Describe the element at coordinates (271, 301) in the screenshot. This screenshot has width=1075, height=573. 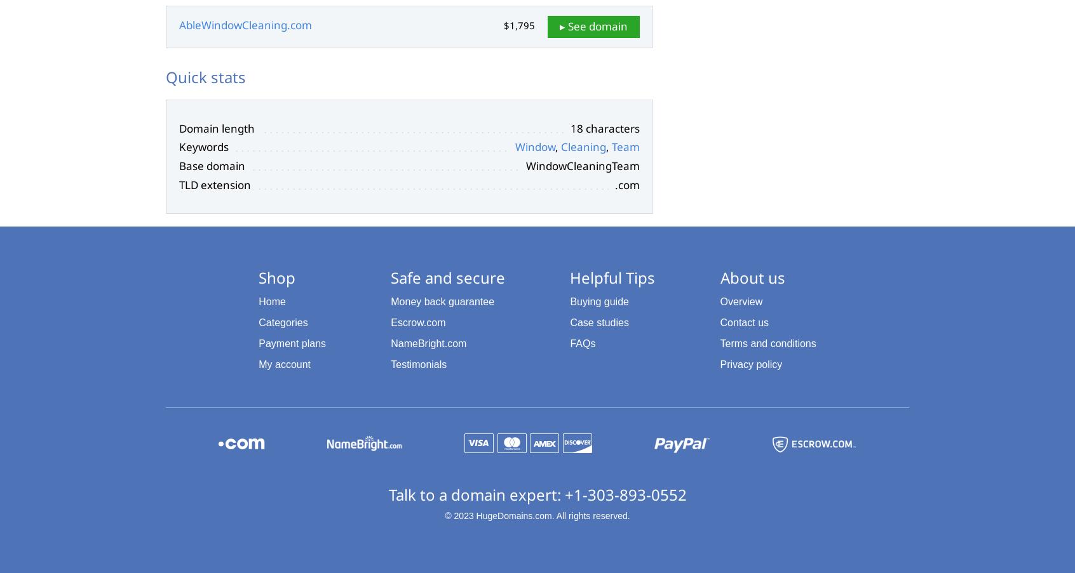
I see `'Home'` at that location.